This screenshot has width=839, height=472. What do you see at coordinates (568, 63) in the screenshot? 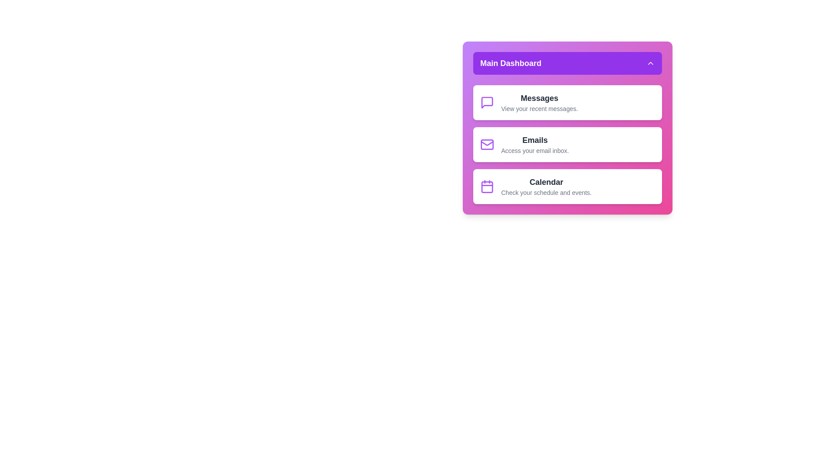
I see `toggle button to hide the menu` at bounding box center [568, 63].